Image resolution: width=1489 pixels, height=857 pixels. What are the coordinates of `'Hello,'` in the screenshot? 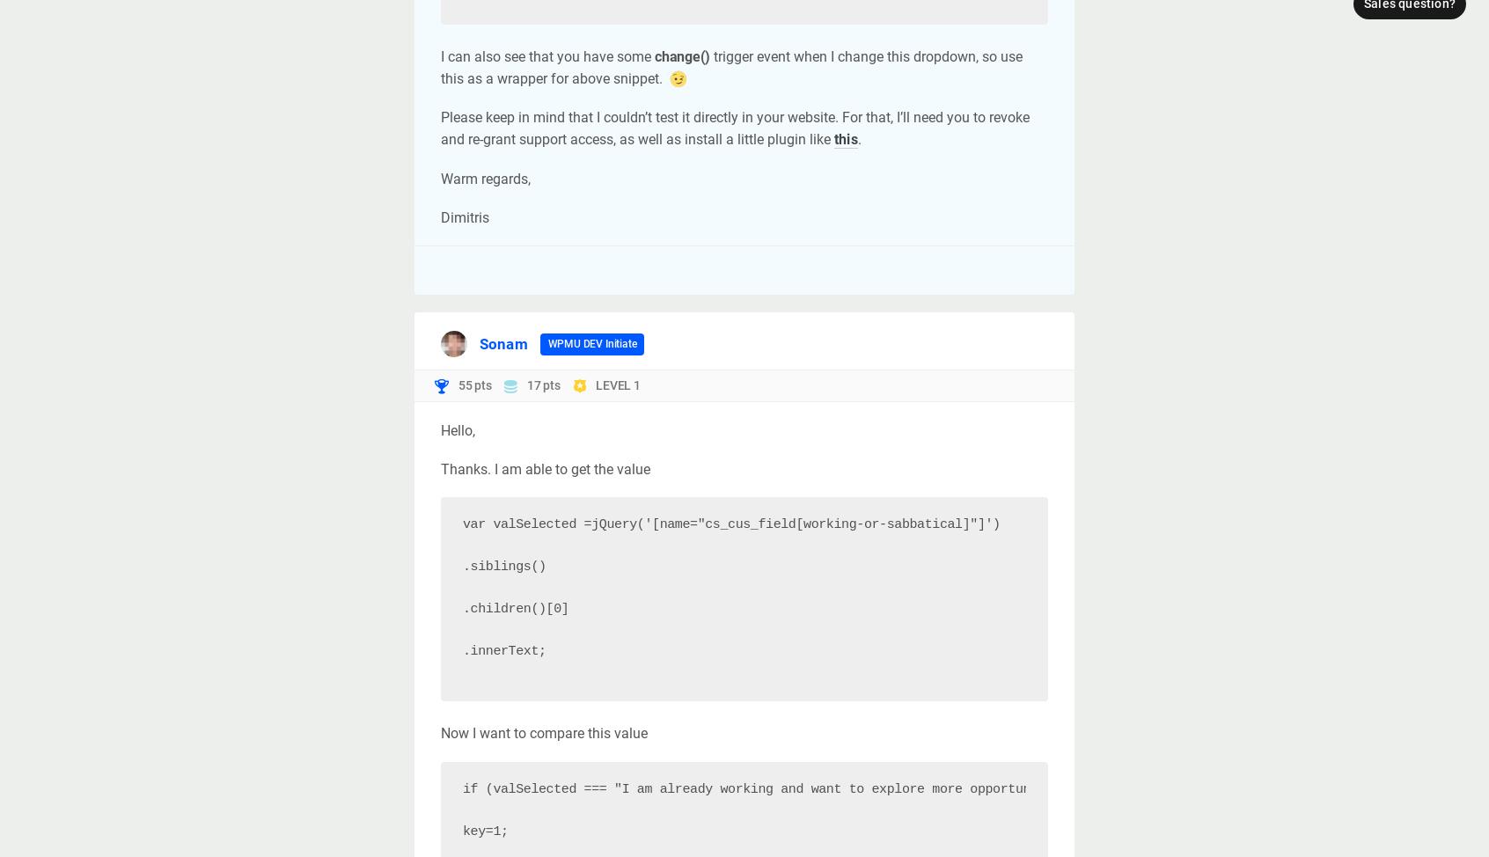 It's located at (458, 430).